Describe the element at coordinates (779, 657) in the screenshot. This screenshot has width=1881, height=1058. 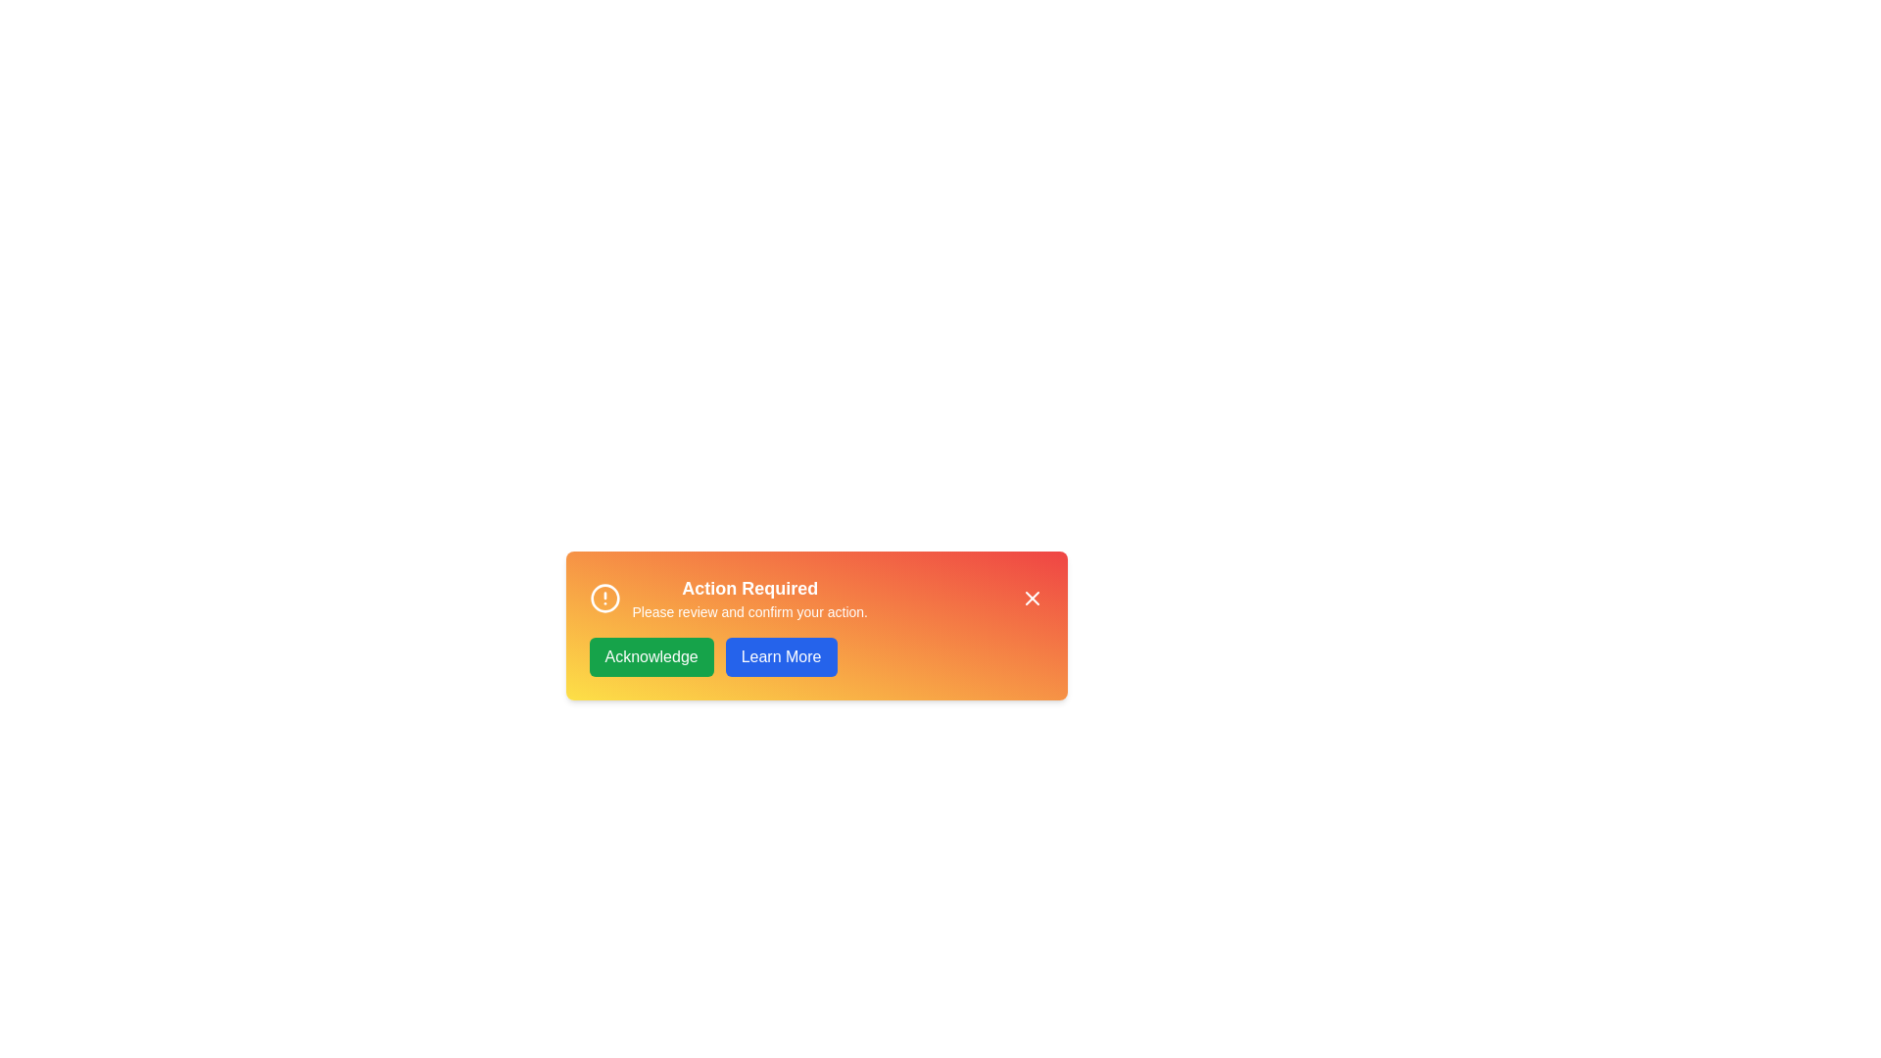
I see `the 'Learn More' button` at that location.